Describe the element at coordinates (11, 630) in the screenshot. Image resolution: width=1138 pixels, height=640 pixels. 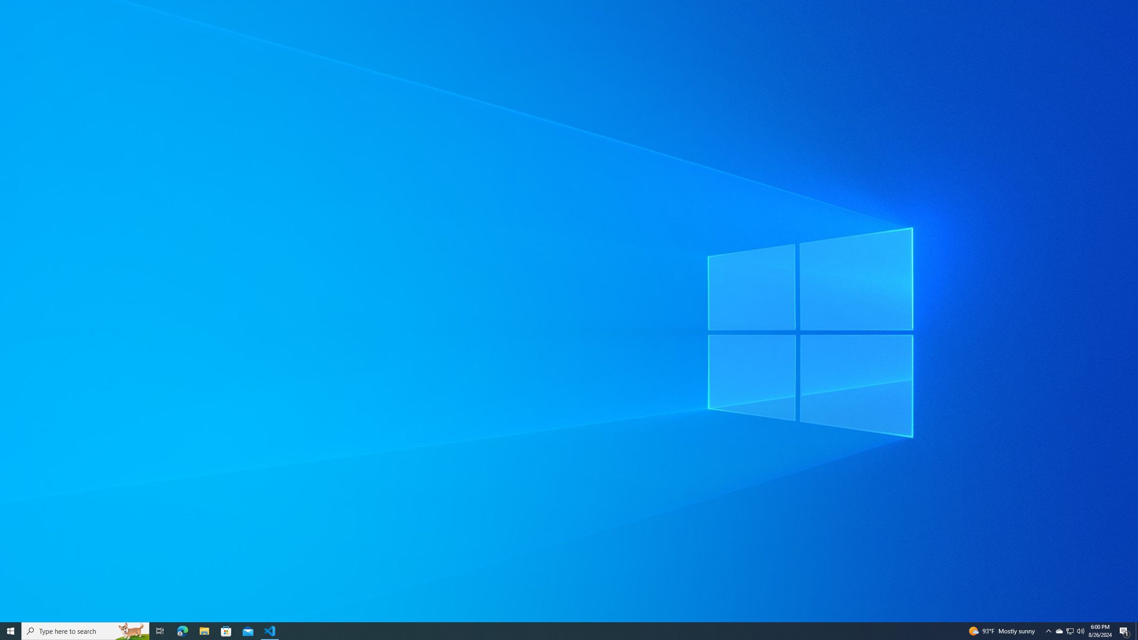
I see `'Start'` at that location.